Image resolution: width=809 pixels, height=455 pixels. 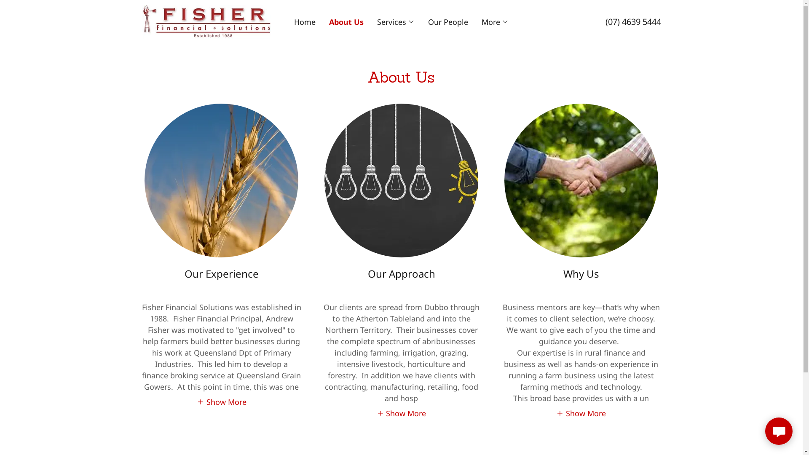 I want to click on 'Fisher Financial Solutions', so click(x=206, y=21).